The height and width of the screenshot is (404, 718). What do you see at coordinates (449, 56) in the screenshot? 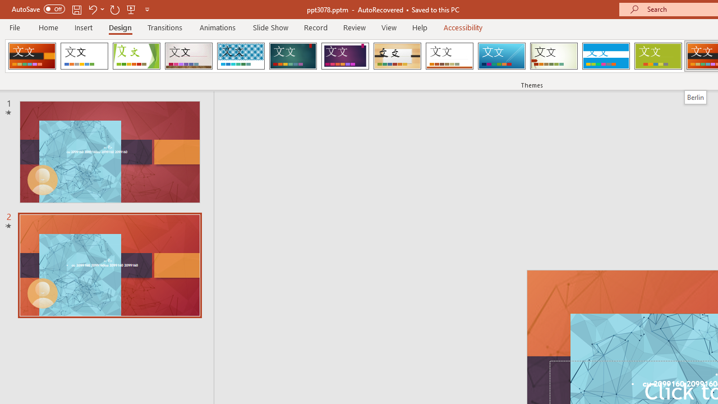
I see `'Retrospect'` at bounding box center [449, 56].